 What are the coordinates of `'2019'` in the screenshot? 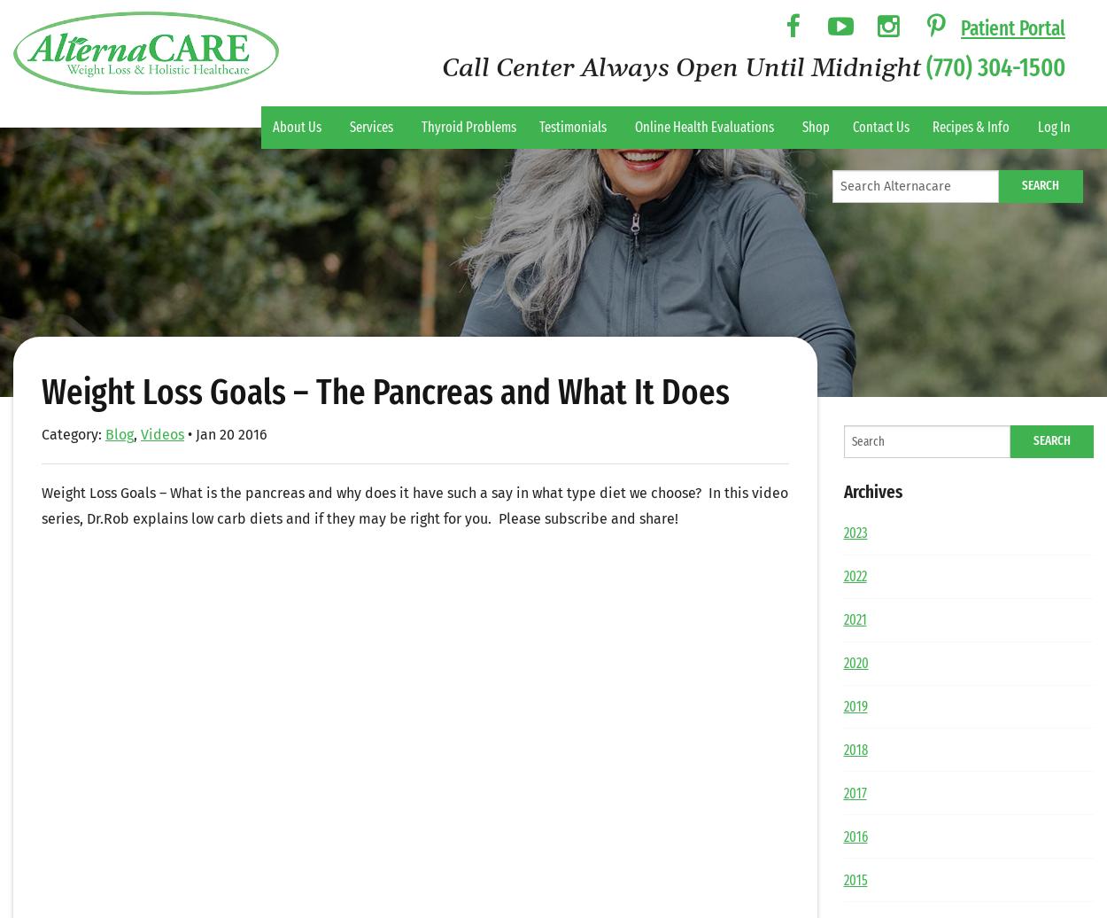 It's located at (842, 705).